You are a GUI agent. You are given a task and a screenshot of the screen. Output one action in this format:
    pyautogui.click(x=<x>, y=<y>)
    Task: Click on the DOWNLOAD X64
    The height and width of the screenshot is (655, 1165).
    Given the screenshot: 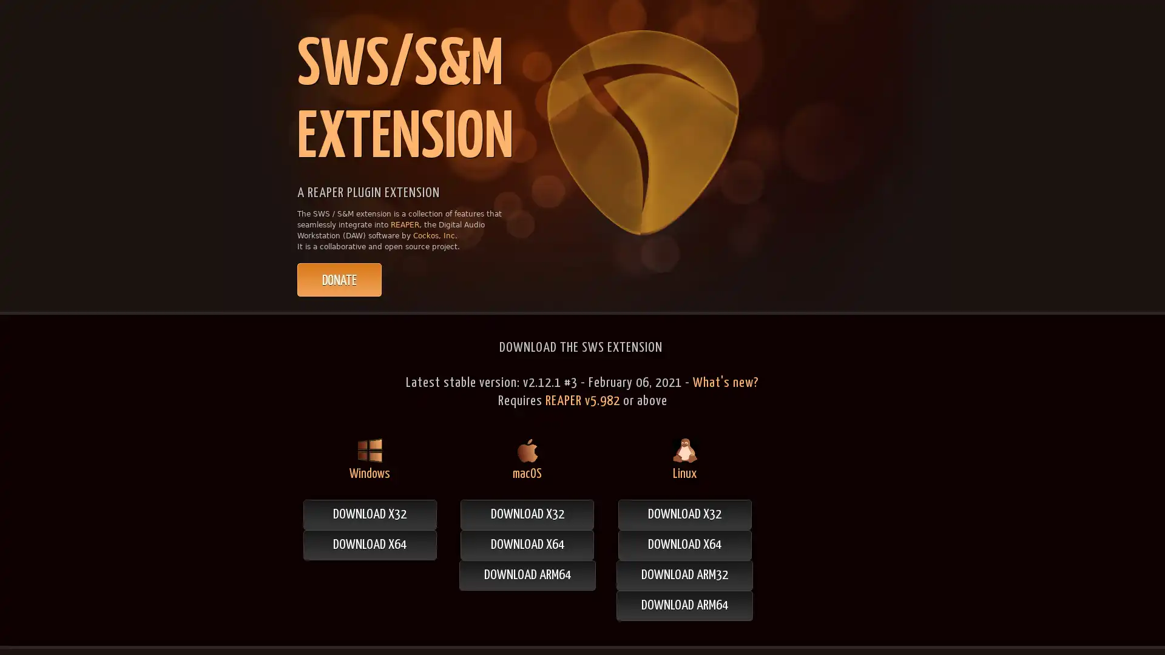 What is the action you would take?
    pyautogui.click(x=387, y=544)
    